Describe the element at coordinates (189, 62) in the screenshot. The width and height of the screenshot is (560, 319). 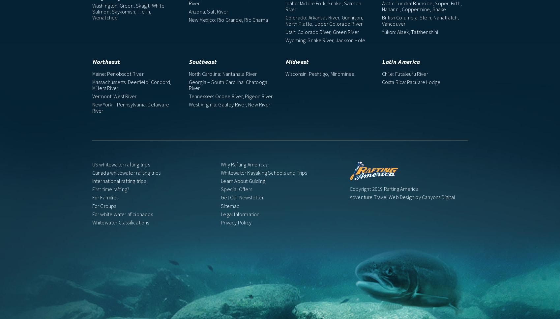
I see `'Southeast'` at that location.